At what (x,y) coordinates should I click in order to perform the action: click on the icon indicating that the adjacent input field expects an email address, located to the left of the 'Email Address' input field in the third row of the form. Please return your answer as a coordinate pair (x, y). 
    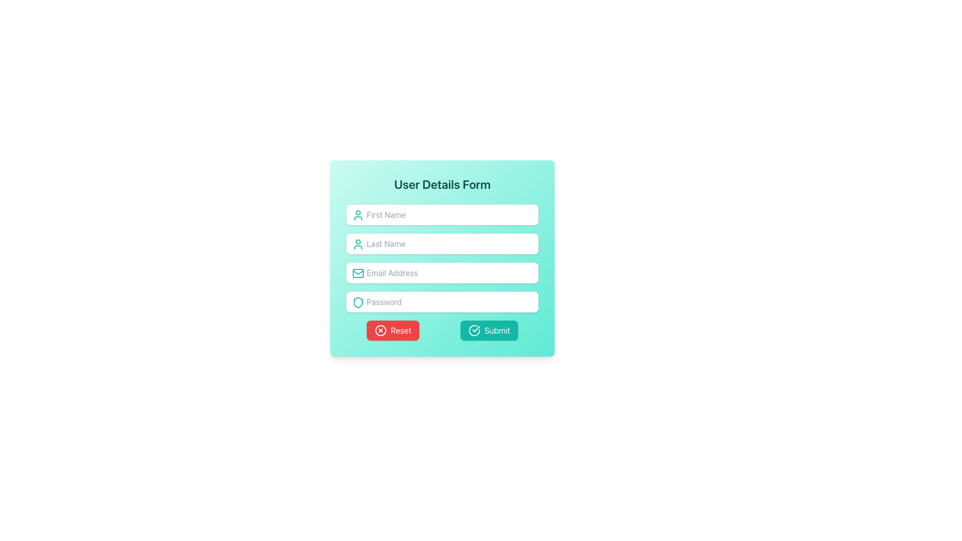
    Looking at the image, I should click on (358, 274).